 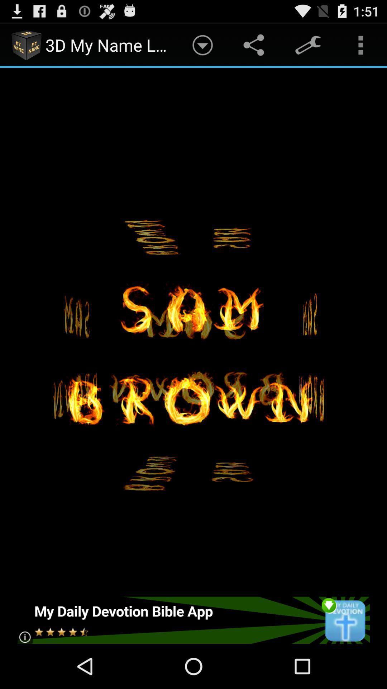 What do you see at coordinates (193, 620) in the screenshot?
I see `advertisement banner` at bounding box center [193, 620].